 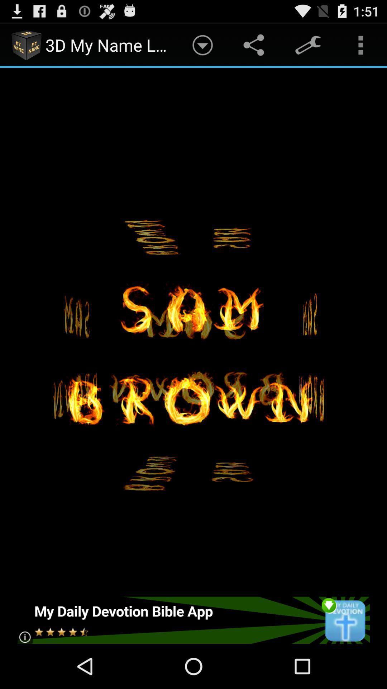 What do you see at coordinates (193, 620) in the screenshot?
I see `advertisement banner` at bounding box center [193, 620].